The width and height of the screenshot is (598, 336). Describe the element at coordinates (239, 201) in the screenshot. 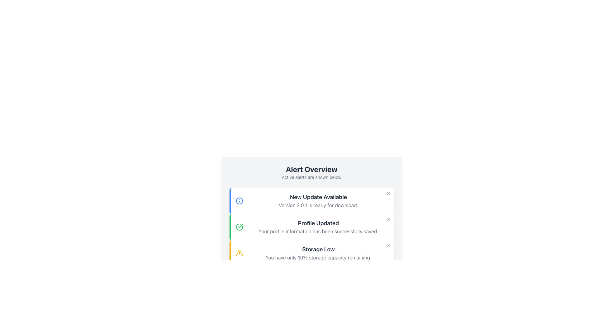

I see `the innermost SVG circle that enhances the visual cue of the notification entry 'New Update Available', which is horizontally aligned with the text and positioned first in the alert list` at that location.